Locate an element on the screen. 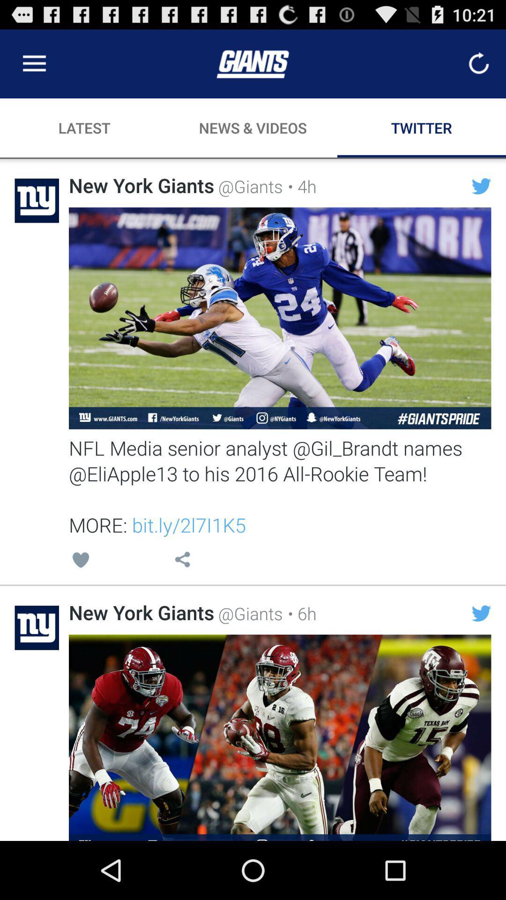 The width and height of the screenshot is (506, 900). share the article is located at coordinates (279, 737).